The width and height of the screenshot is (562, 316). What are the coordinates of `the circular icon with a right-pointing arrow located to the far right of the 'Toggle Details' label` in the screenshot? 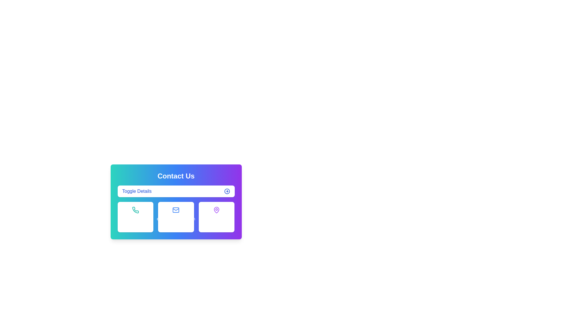 It's located at (227, 191).